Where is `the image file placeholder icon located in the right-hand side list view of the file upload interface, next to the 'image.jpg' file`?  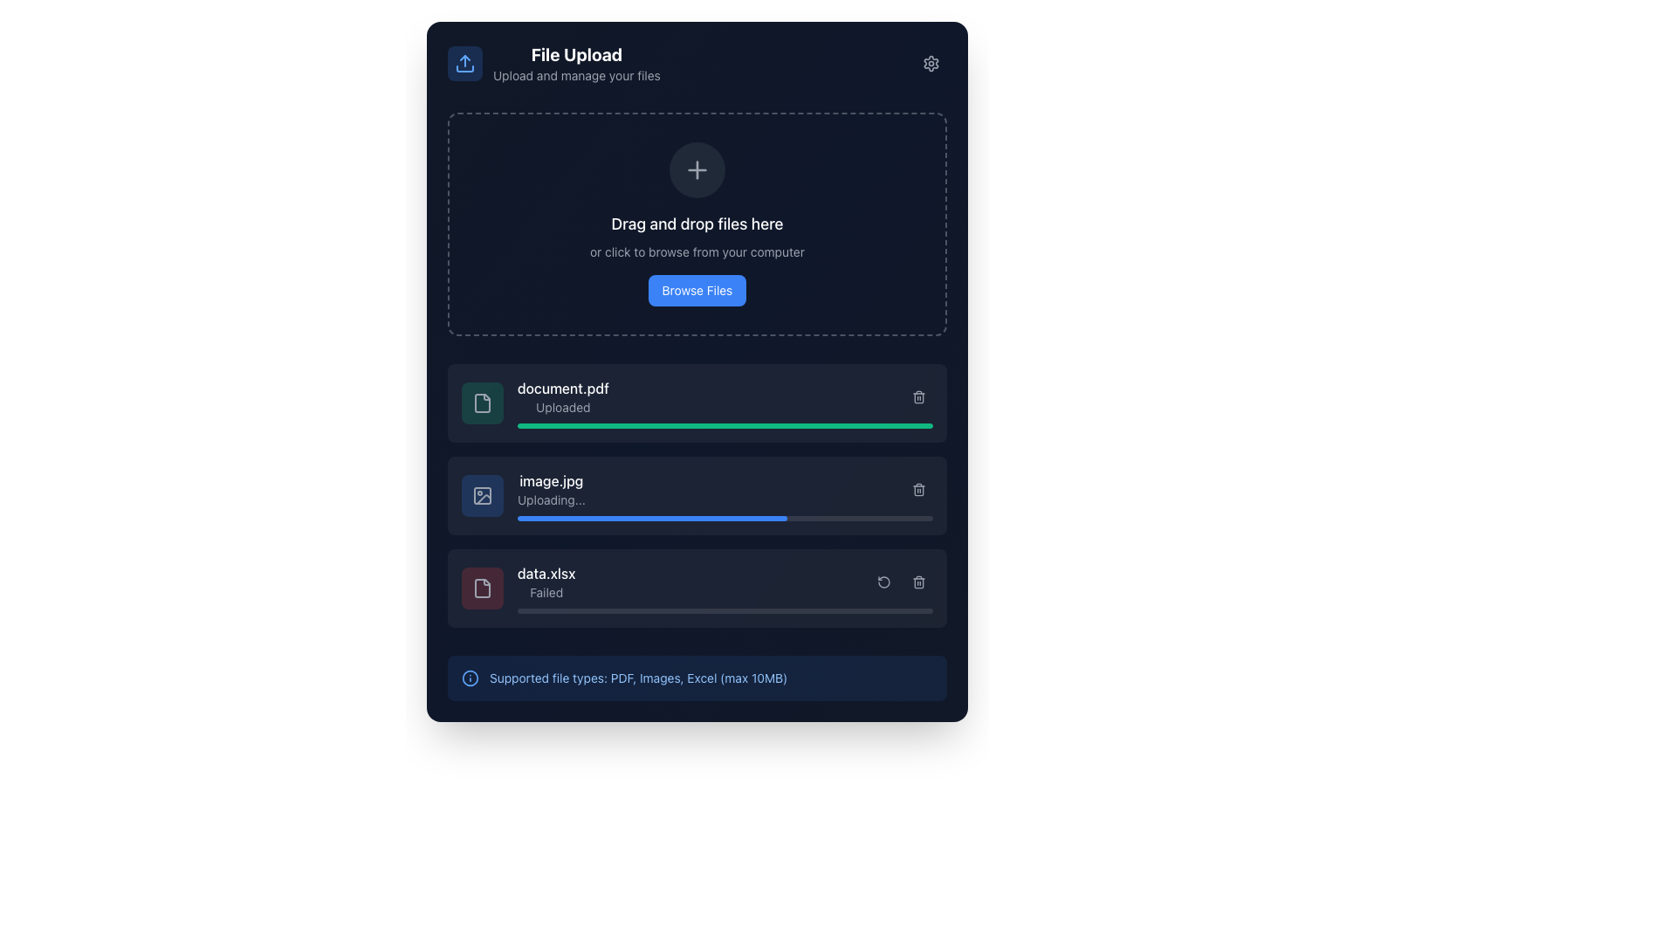
the image file placeholder icon located in the right-hand side list view of the file upload interface, next to the 'image.jpg' file is located at coordinates (482, 495).